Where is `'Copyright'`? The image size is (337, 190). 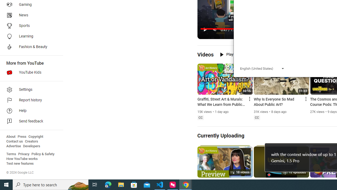
'Copyright' is located at coordinates (36, 136).